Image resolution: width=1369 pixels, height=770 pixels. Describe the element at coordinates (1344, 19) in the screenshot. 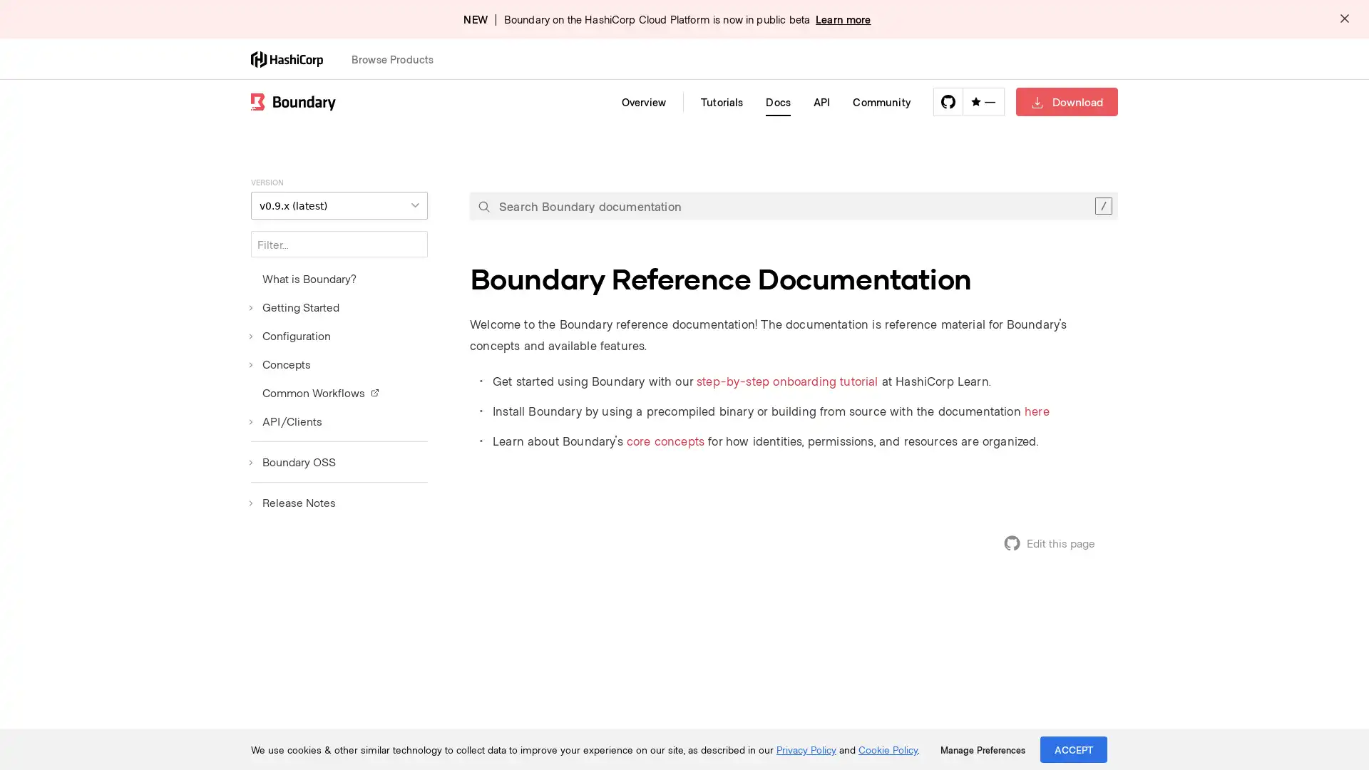

I see `Dismiss alert` at that location.